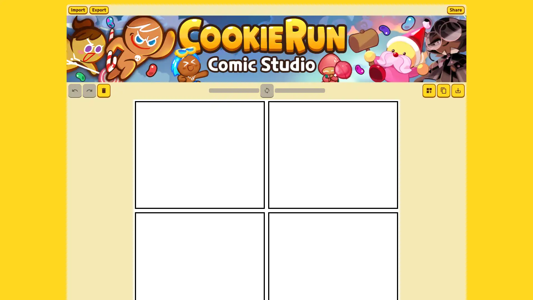  I want to click on undo, so click(74, 90).